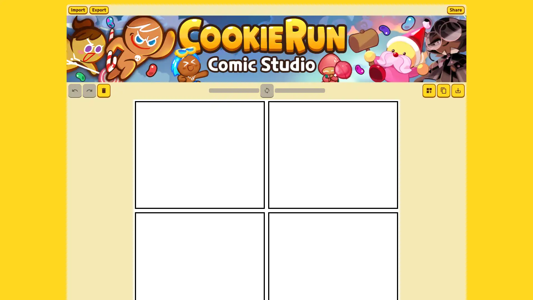  I want to click on undo, so click(74, 90).